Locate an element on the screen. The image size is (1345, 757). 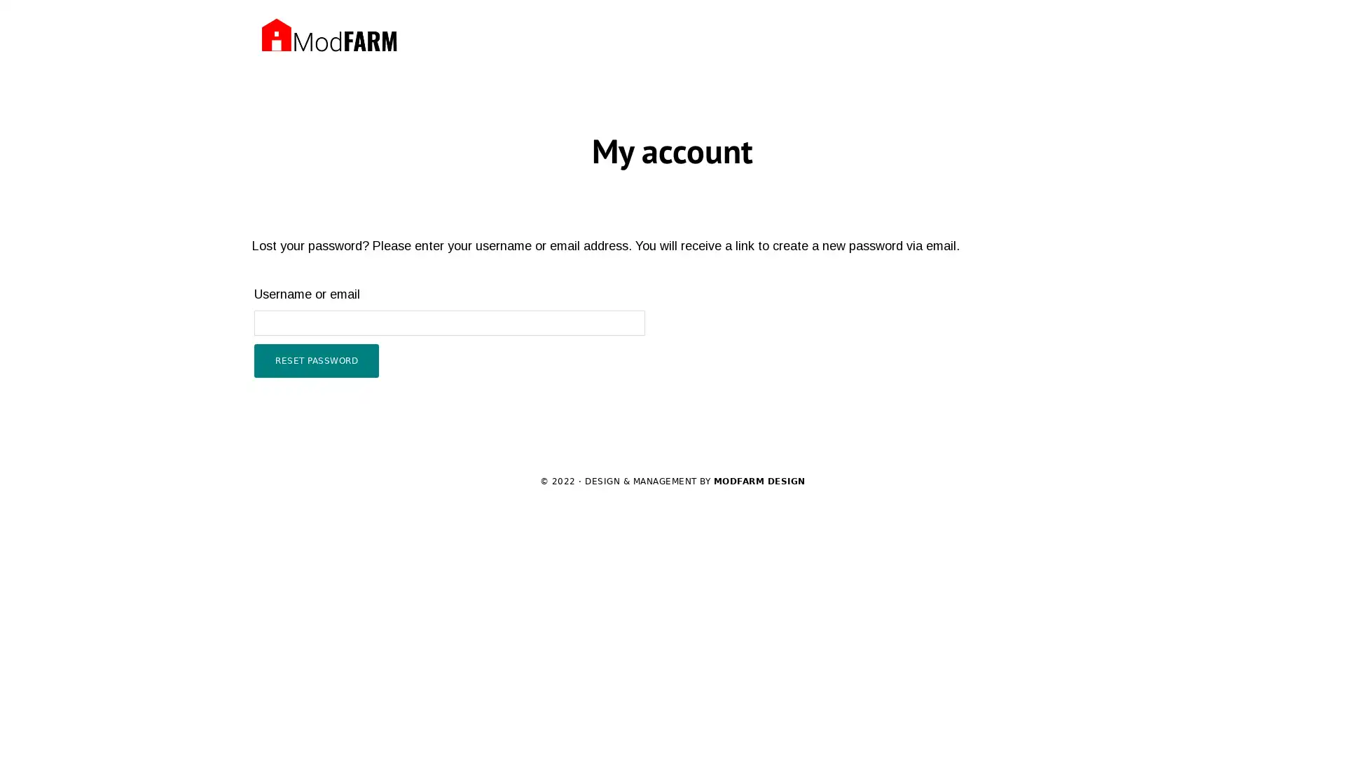
RESET PASSWORD is located at coordinates (315, 359).